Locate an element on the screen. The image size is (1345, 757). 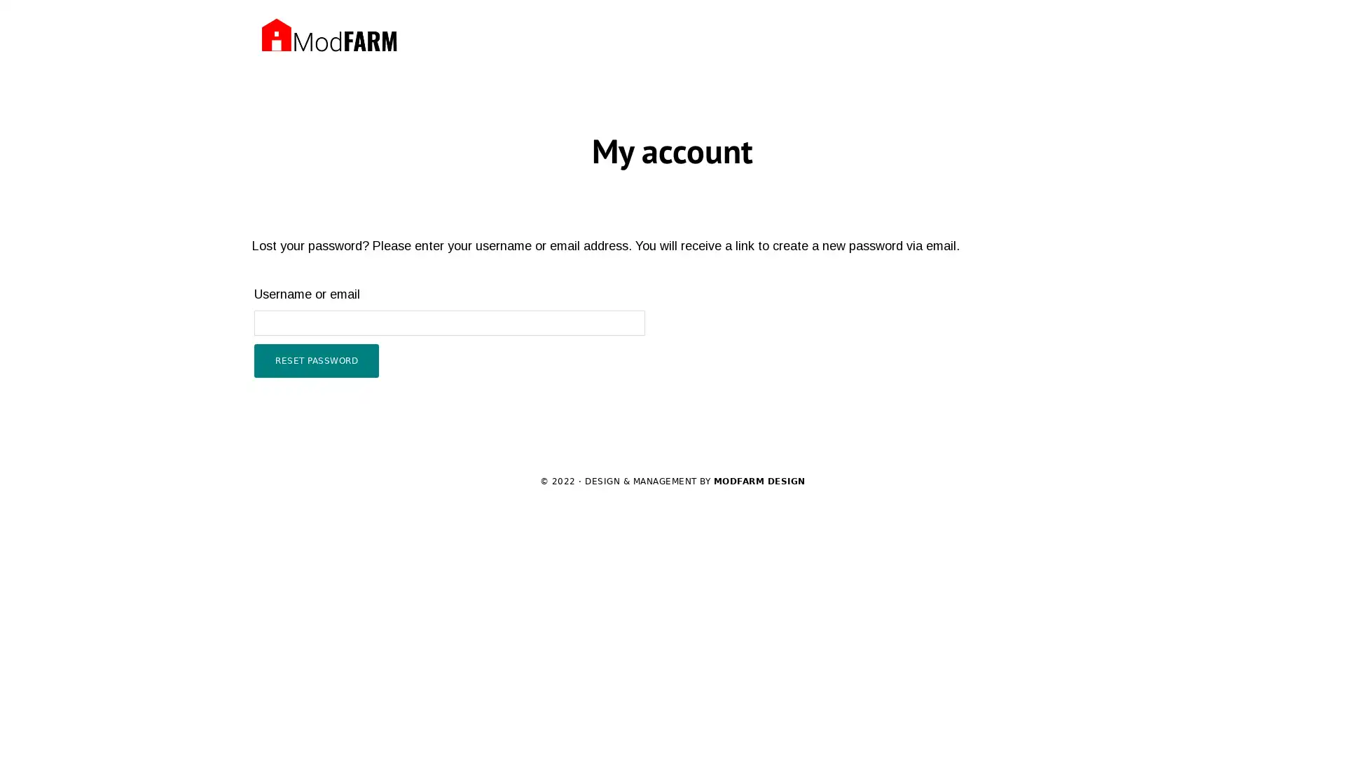
RESET PASSWORD is located at coordinates (315, 359).